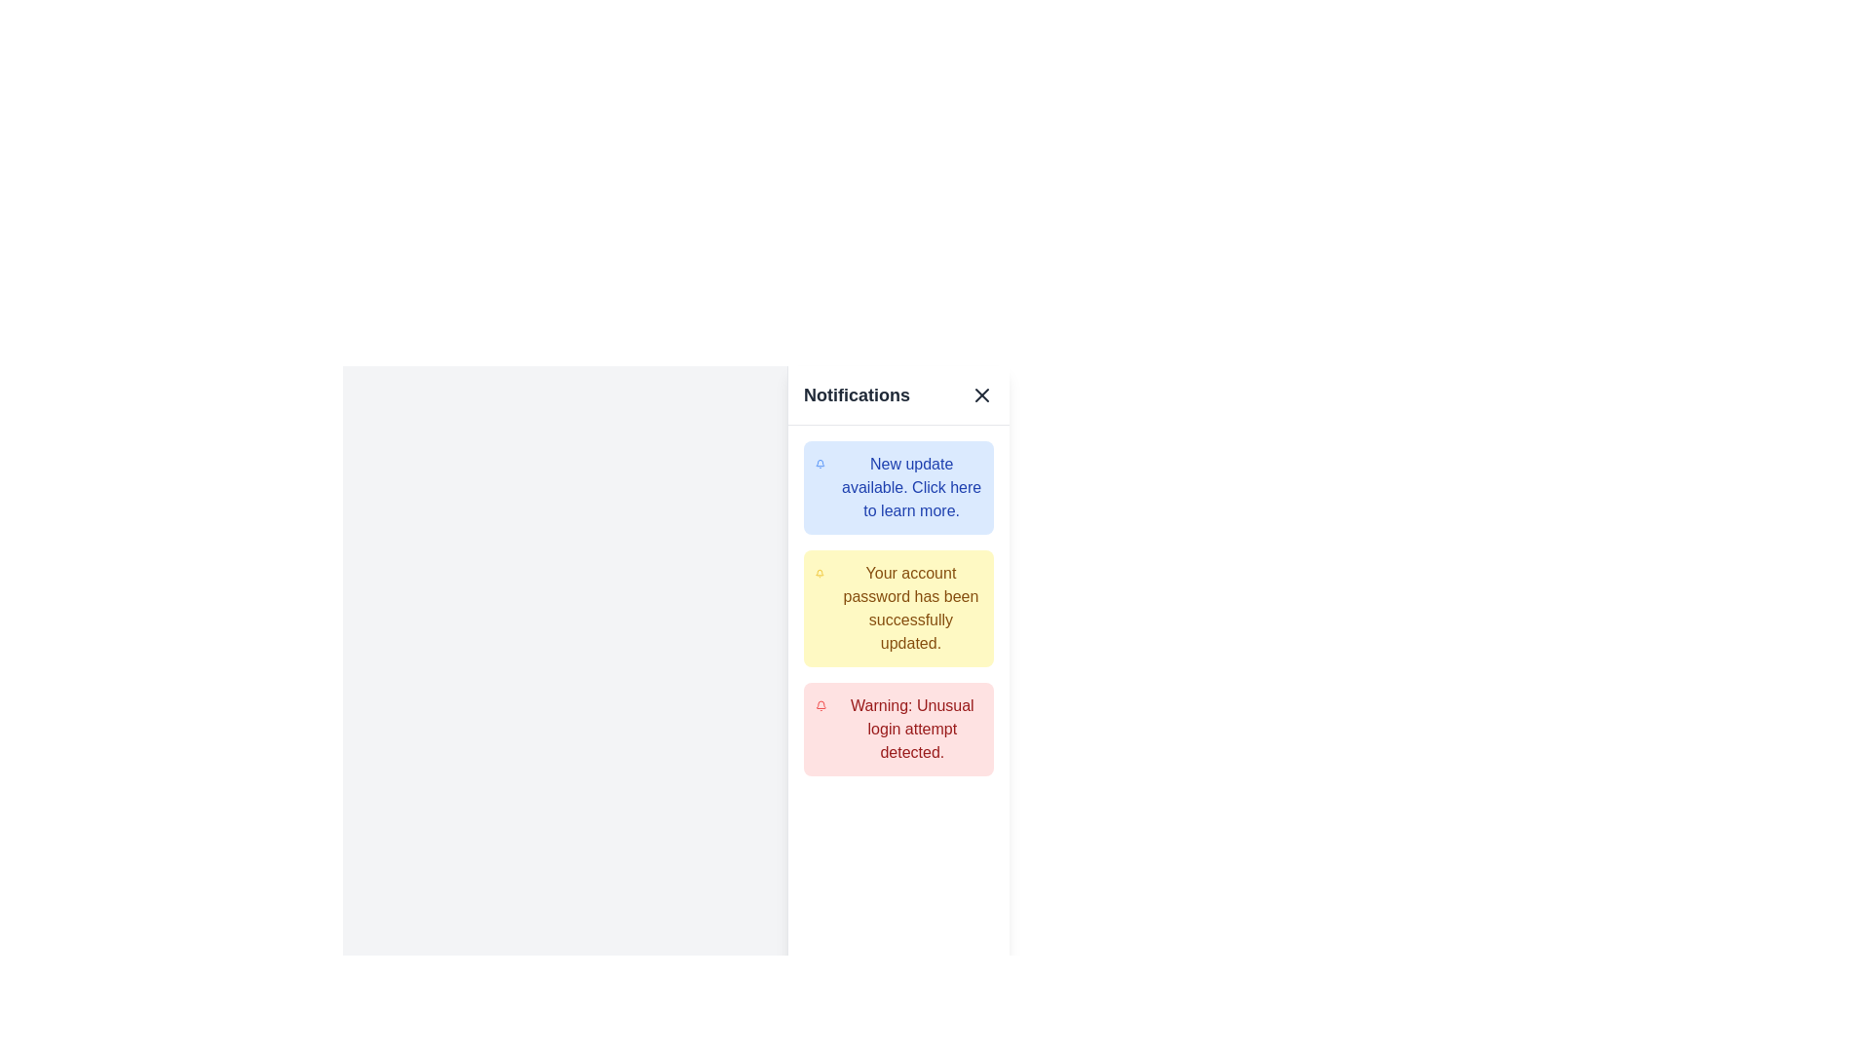 The height and width of the screenshot is (1052, 1871). Describe the element at coordinates (910, 487) in the screenshot. I see `the text element that provides information about a new update, which is non-interactive and located centrally within the light blue notification box at the top of the notification list` at that location.